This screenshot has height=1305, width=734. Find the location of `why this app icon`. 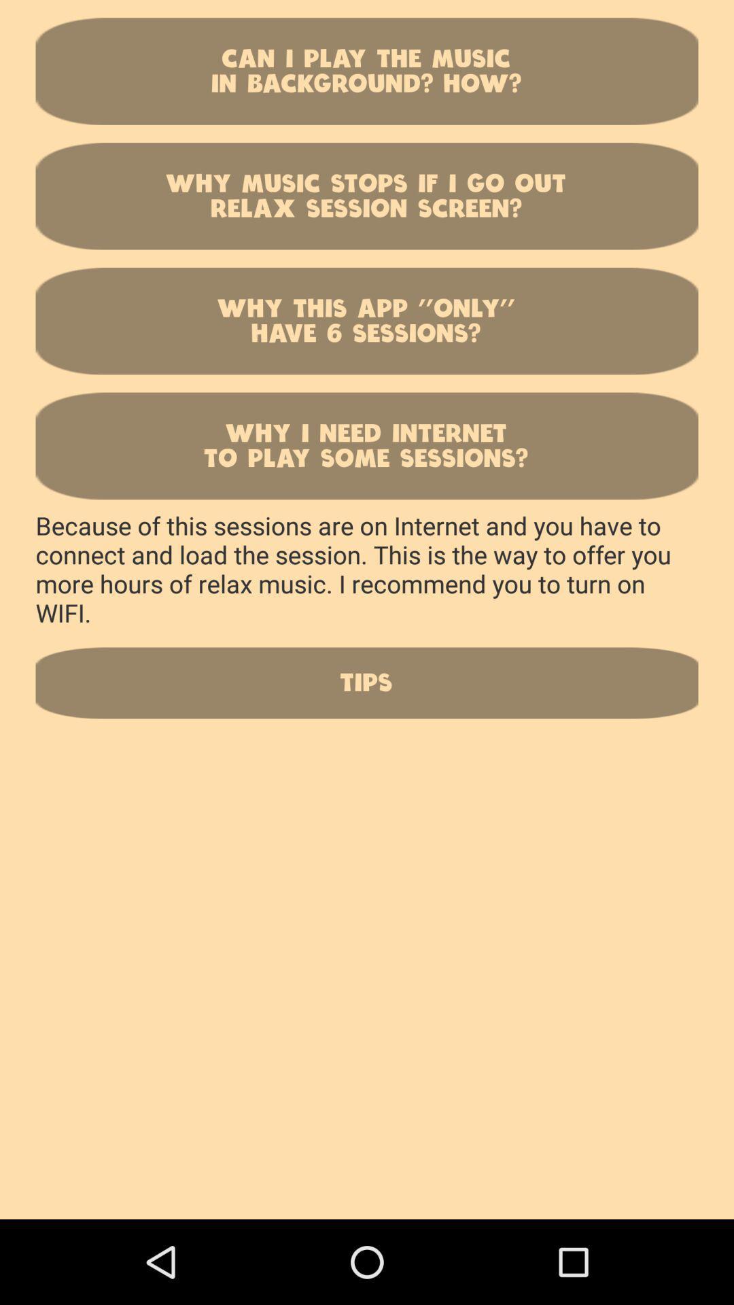

why this app icon is located at coordinates (367, 320).